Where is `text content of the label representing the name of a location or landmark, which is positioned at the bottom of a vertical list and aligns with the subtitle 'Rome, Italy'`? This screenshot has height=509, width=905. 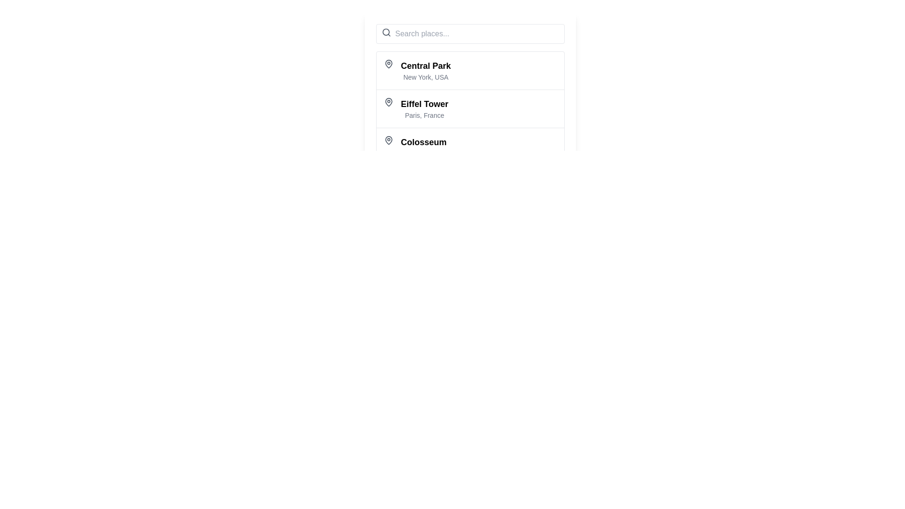 text content of the label representing the name of a location or landmark, which is positioned at the bottom of a vertical list and aligns with the subtitle 'Rome, Italy' is located at coordinates (423, 142).